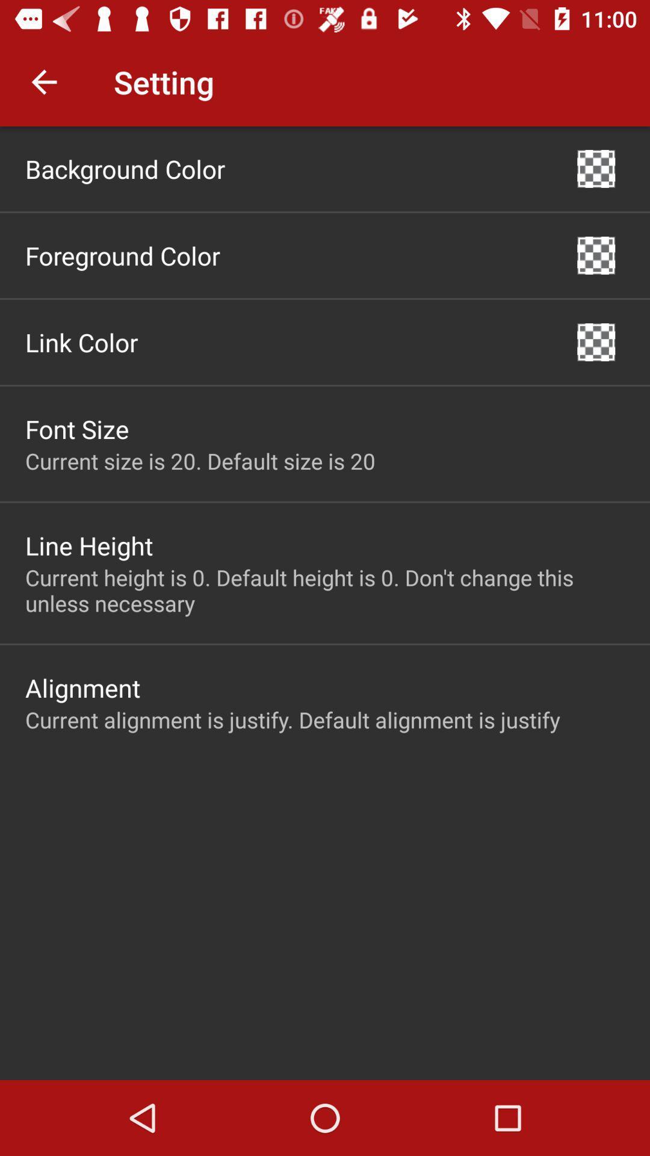  I want to click on item above foreground color icon, so click(125, 168).